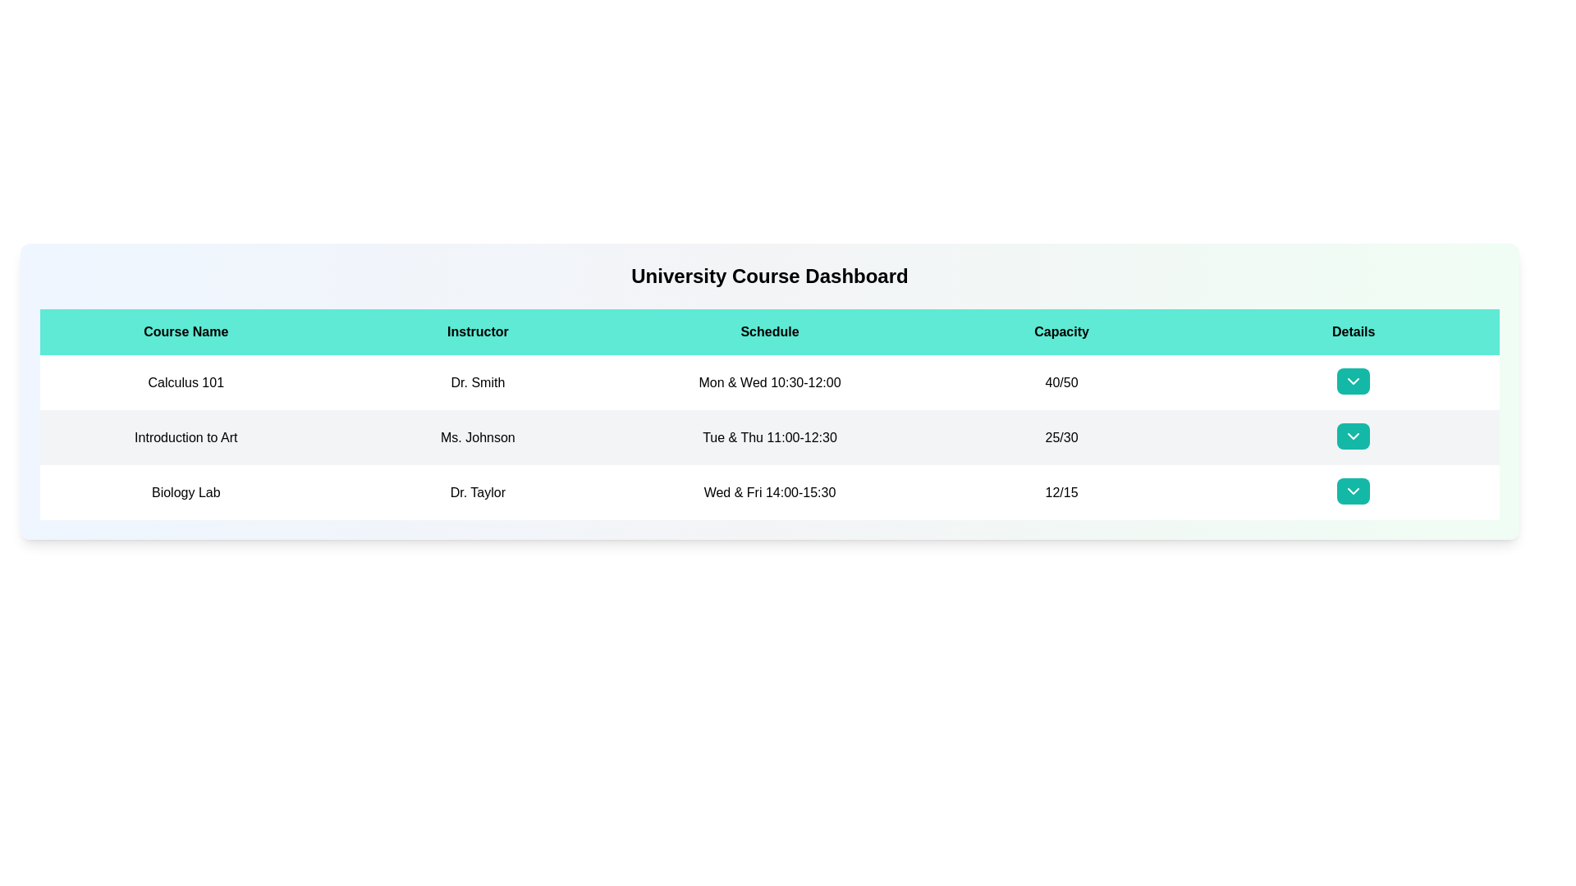 Image resolution: width=1576 pixels, height=886 pixels. Describe the element at coordinates (1354, 436) in the screenshot. I see `the downward-pointing chevron icon in the 'Details' column of the second row for 'Introduction to Art'` at that location.